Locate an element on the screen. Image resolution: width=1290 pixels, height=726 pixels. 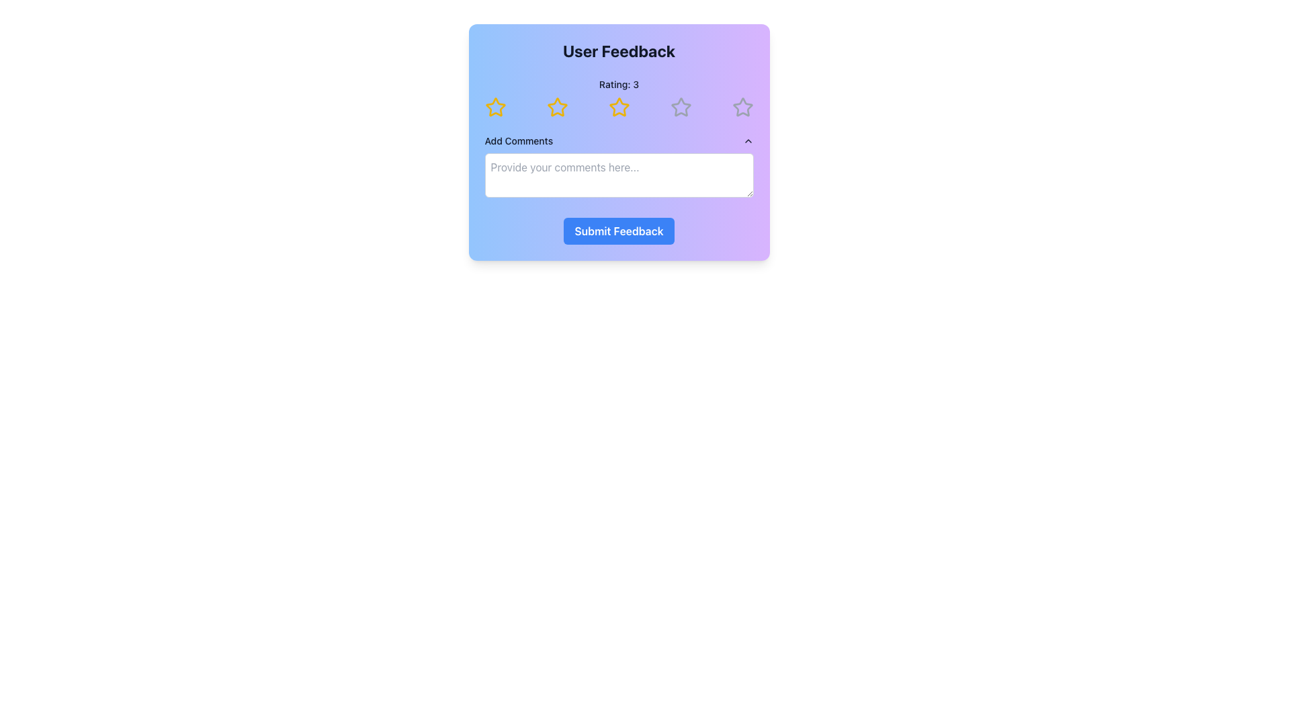
the first star rating icon, which is a yellow outlined star in a horizontal series of stars for rating selection preview is located at coordinates (494, 106).